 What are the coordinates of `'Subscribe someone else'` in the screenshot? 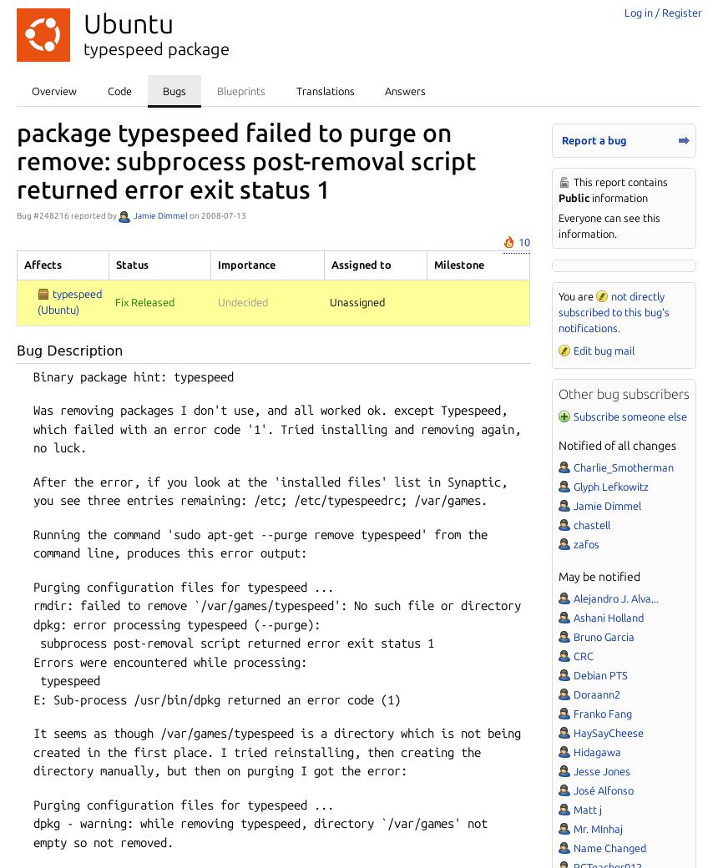 It's located at (629, 415).